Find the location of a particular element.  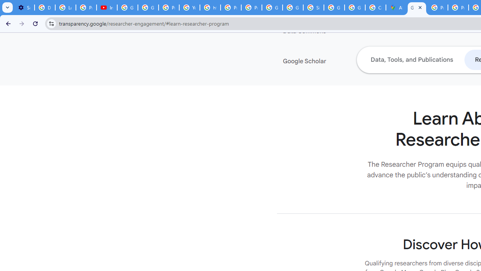

'Introduction | Google Privacy Policy - YouTube' is located at coordinates (106, 8).